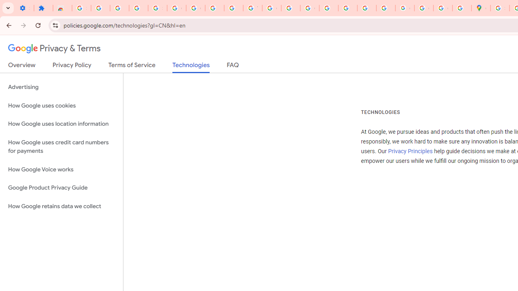 The height and width of the screenshot is (291, 518). I want to click on 'FAQ', so click(233, 66).